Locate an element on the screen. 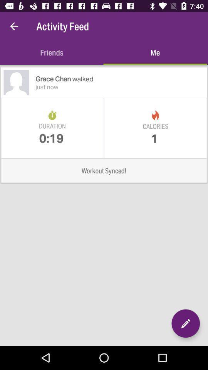 Image resolution: width=208 pixels, height=370 pixels. a place to edit the details on the page is located at coordinates (185, 323).